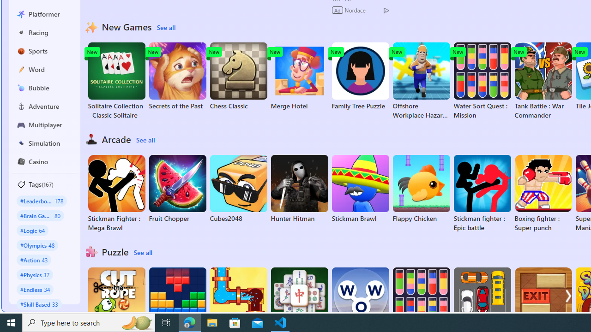 The height and width of the screenshot is (332, 591). Describe the element at coordinates (35, 289) in the screenshot. I see `'#Endless 34'` at that location.